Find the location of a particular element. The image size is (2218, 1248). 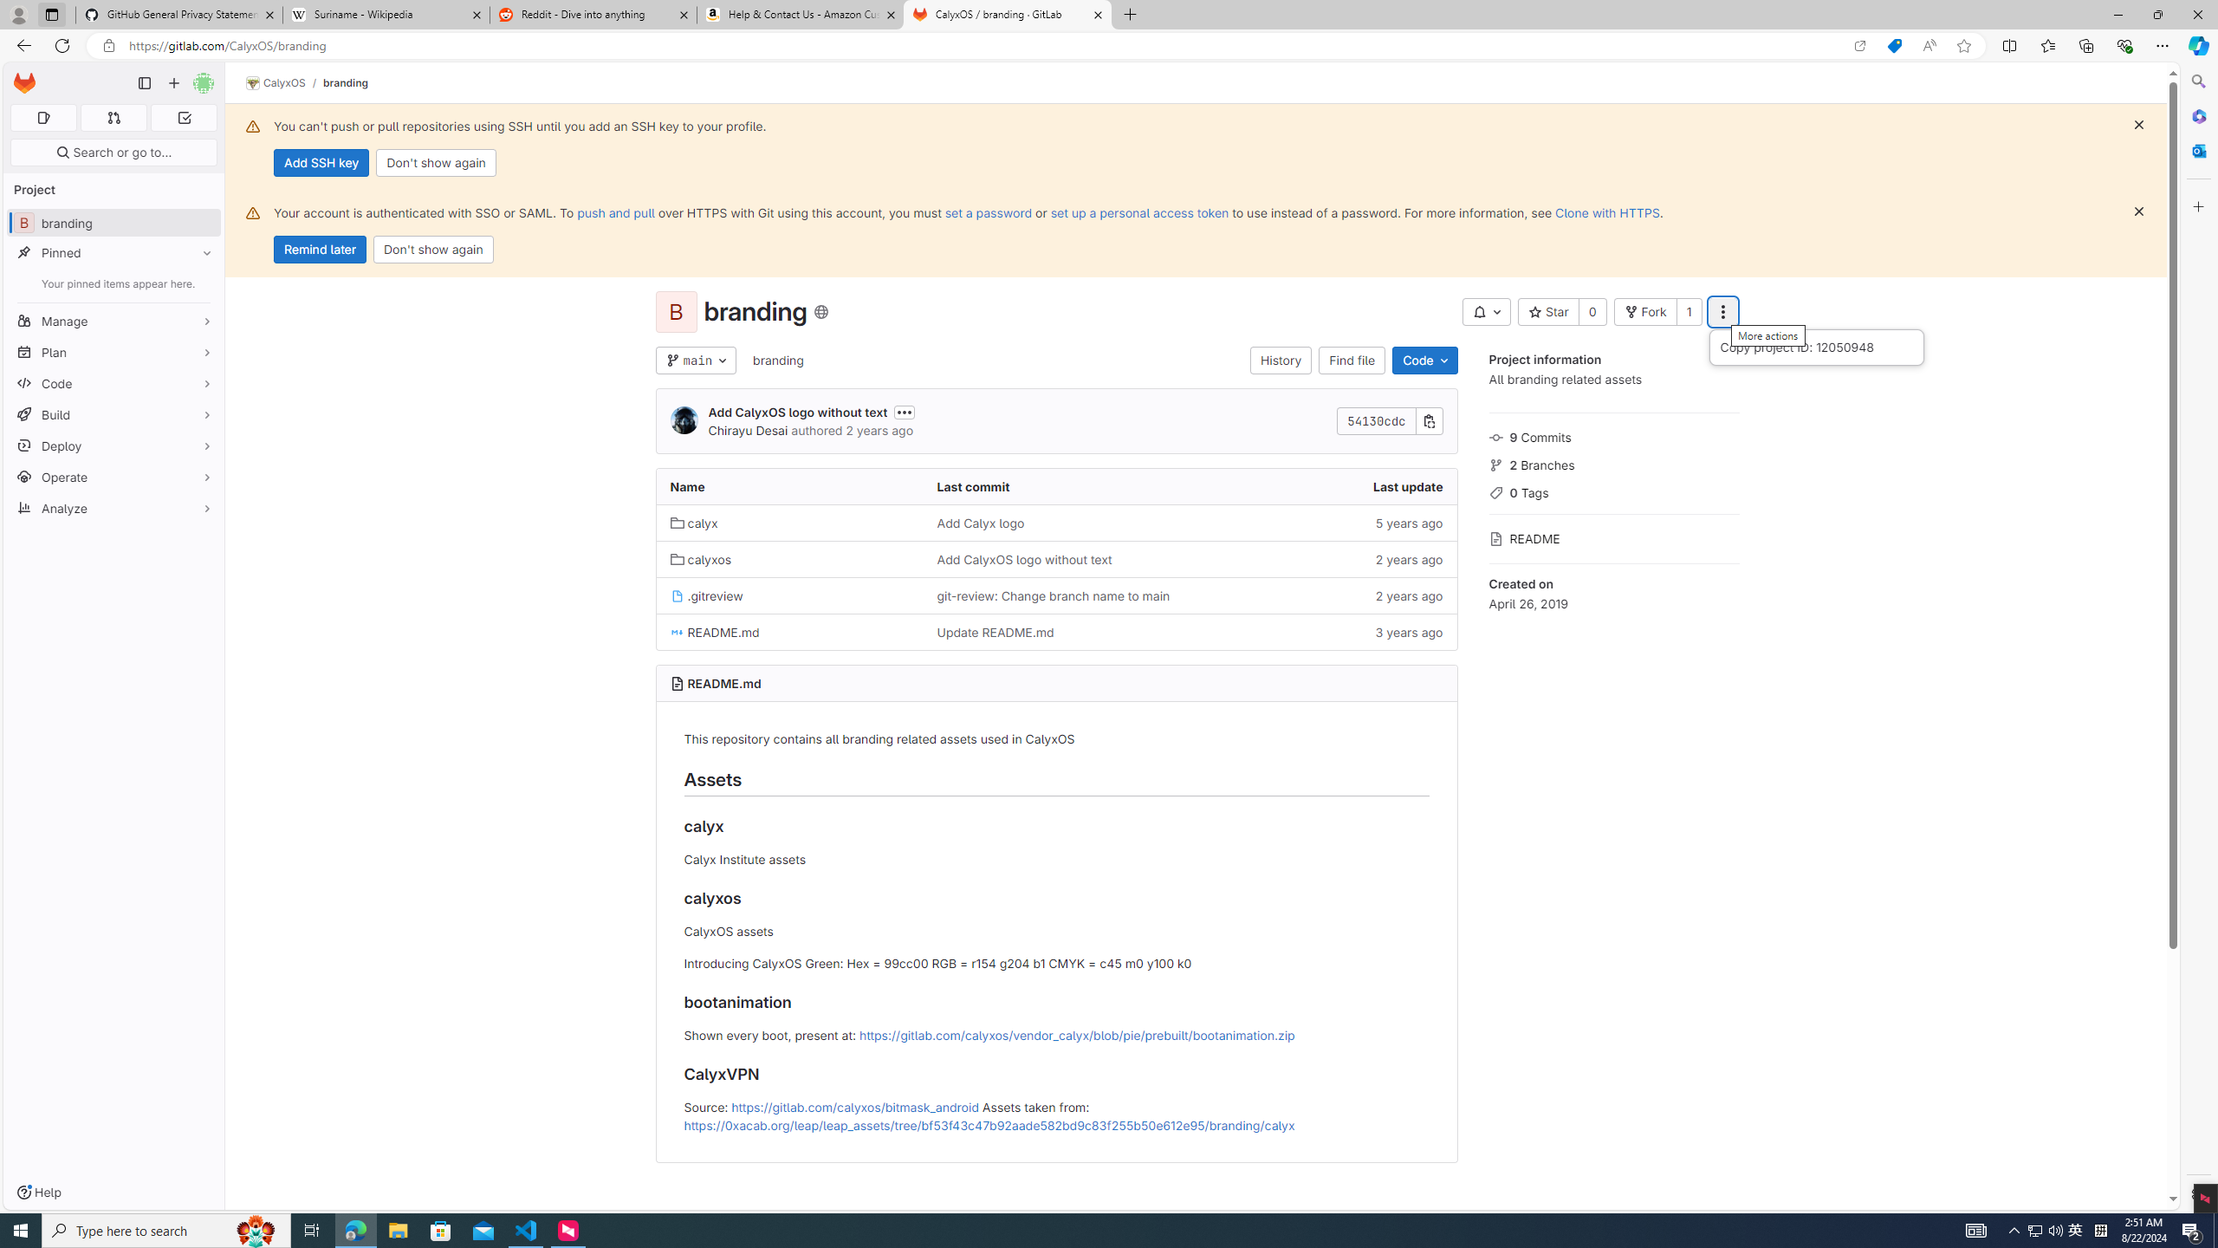

'calyx' is located at coordinates (788, 522).